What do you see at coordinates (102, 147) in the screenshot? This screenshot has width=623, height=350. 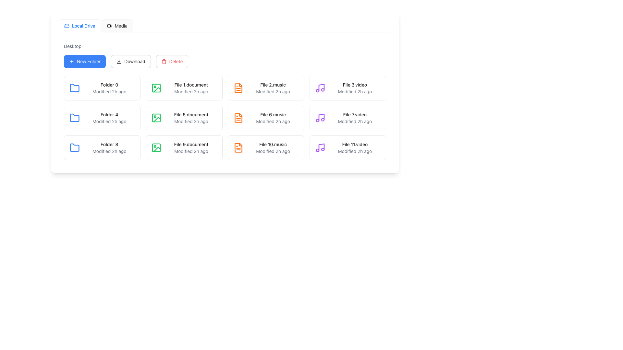 I see `on the folder item labeled 'Folder 8' located in the second column under the 'Desktop' section` at bounding box center [102, 147].